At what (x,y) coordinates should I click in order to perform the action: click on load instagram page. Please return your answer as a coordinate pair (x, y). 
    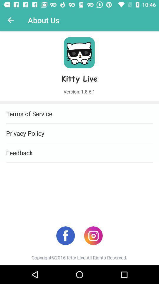
    Looking at the image, I should click on (93, 235).